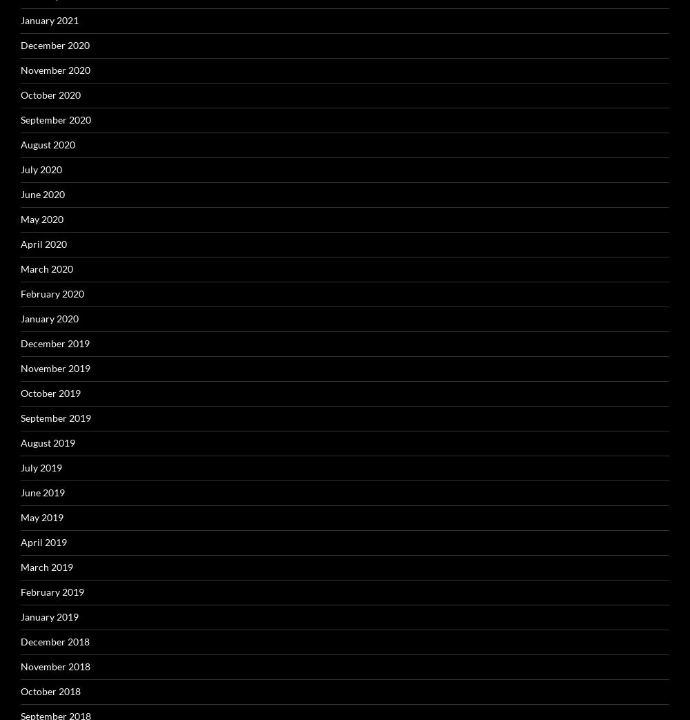 The image size is (690, 720). Describe the element at coordinates (52, 592) in the screenshot. I see `'February 2019'` at that location.